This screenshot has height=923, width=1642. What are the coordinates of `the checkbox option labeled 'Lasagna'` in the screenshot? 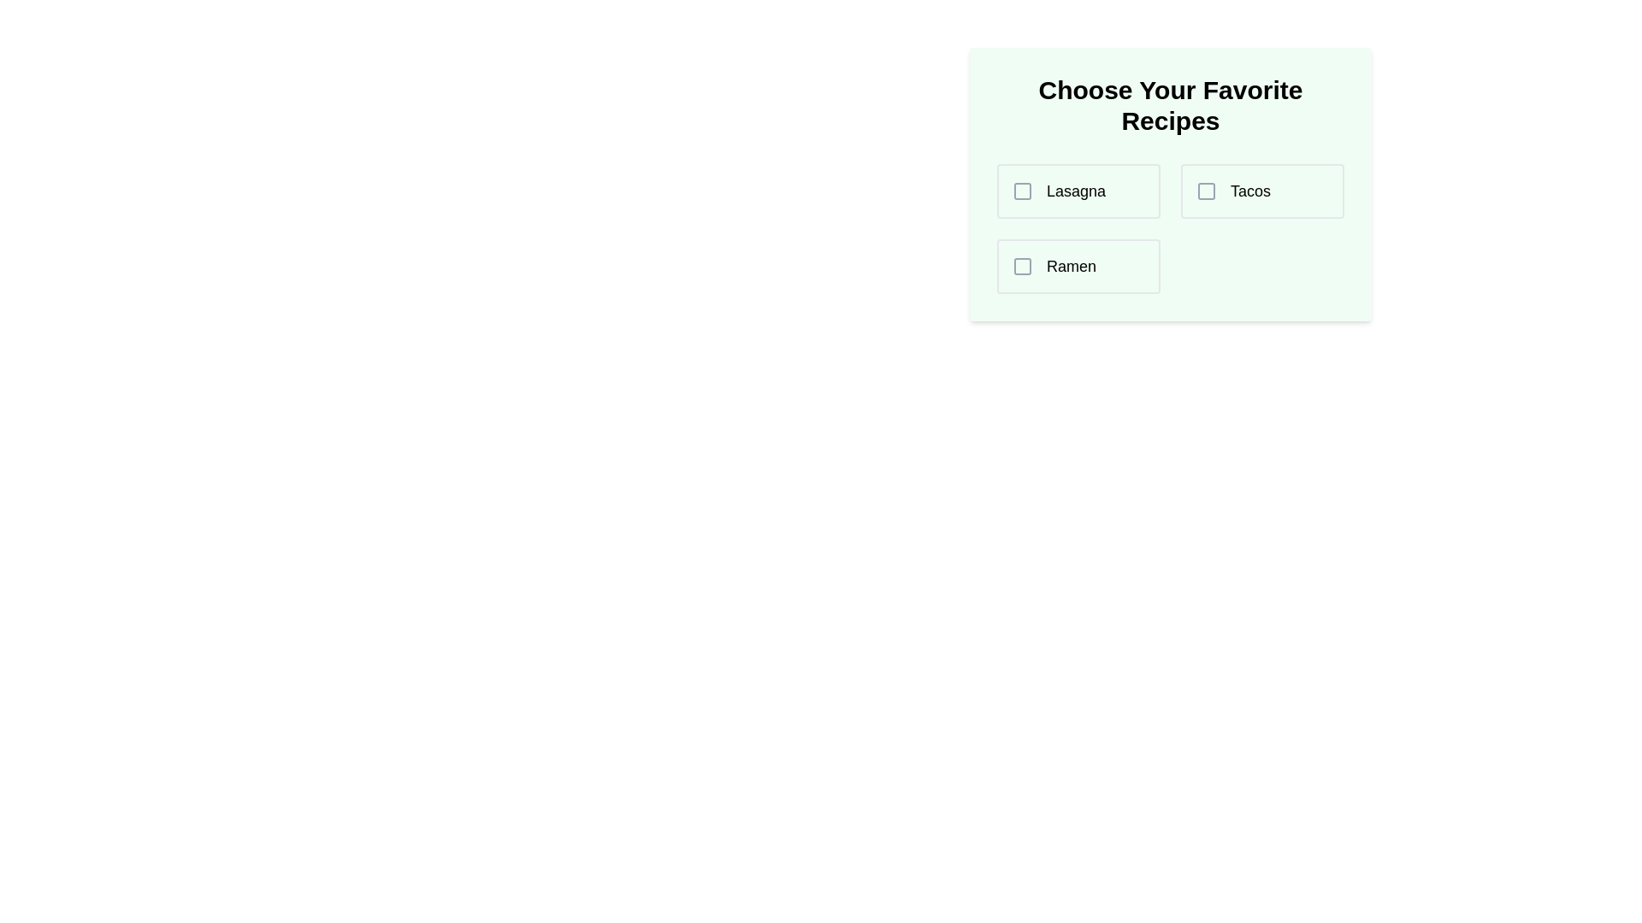 It's located at (1078, 191).